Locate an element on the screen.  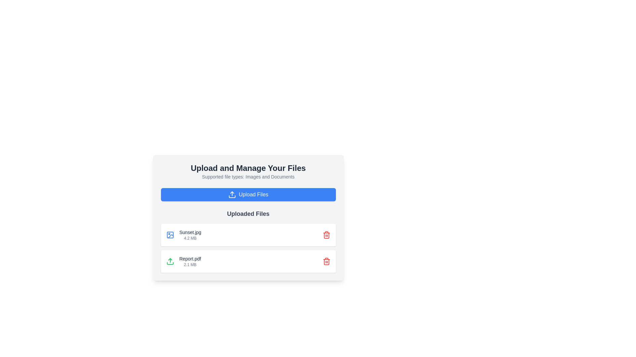
the file item representation displaying the uploaded file name is located at coordinates (184, 261).